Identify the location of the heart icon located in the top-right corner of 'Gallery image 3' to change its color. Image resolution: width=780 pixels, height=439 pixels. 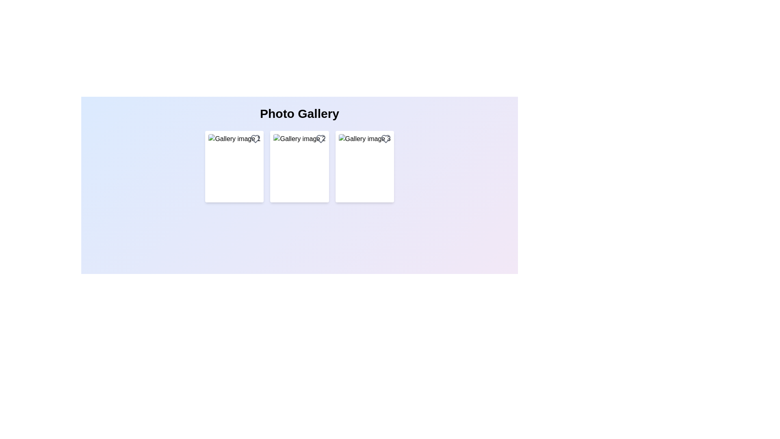
(385, 139).